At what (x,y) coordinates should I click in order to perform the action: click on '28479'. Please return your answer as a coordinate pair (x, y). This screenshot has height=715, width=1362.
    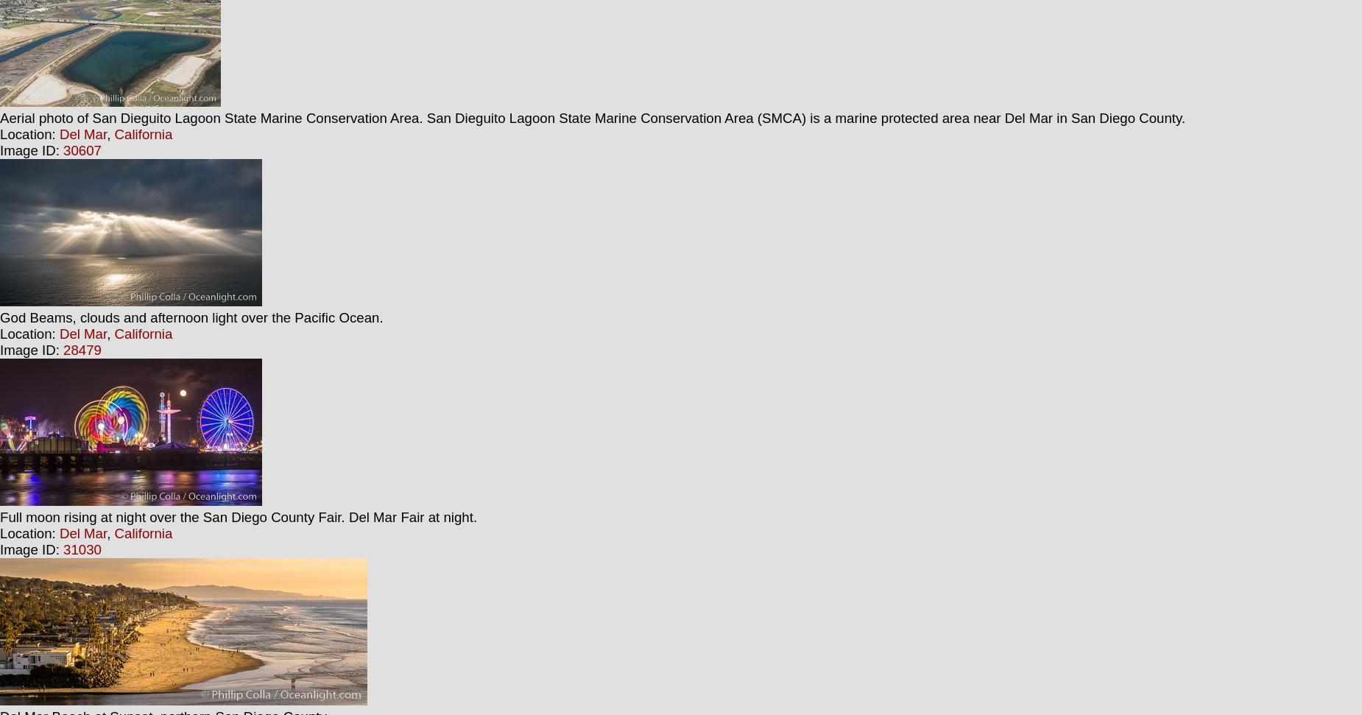
    Looking at the image, I should click on (81, 350).